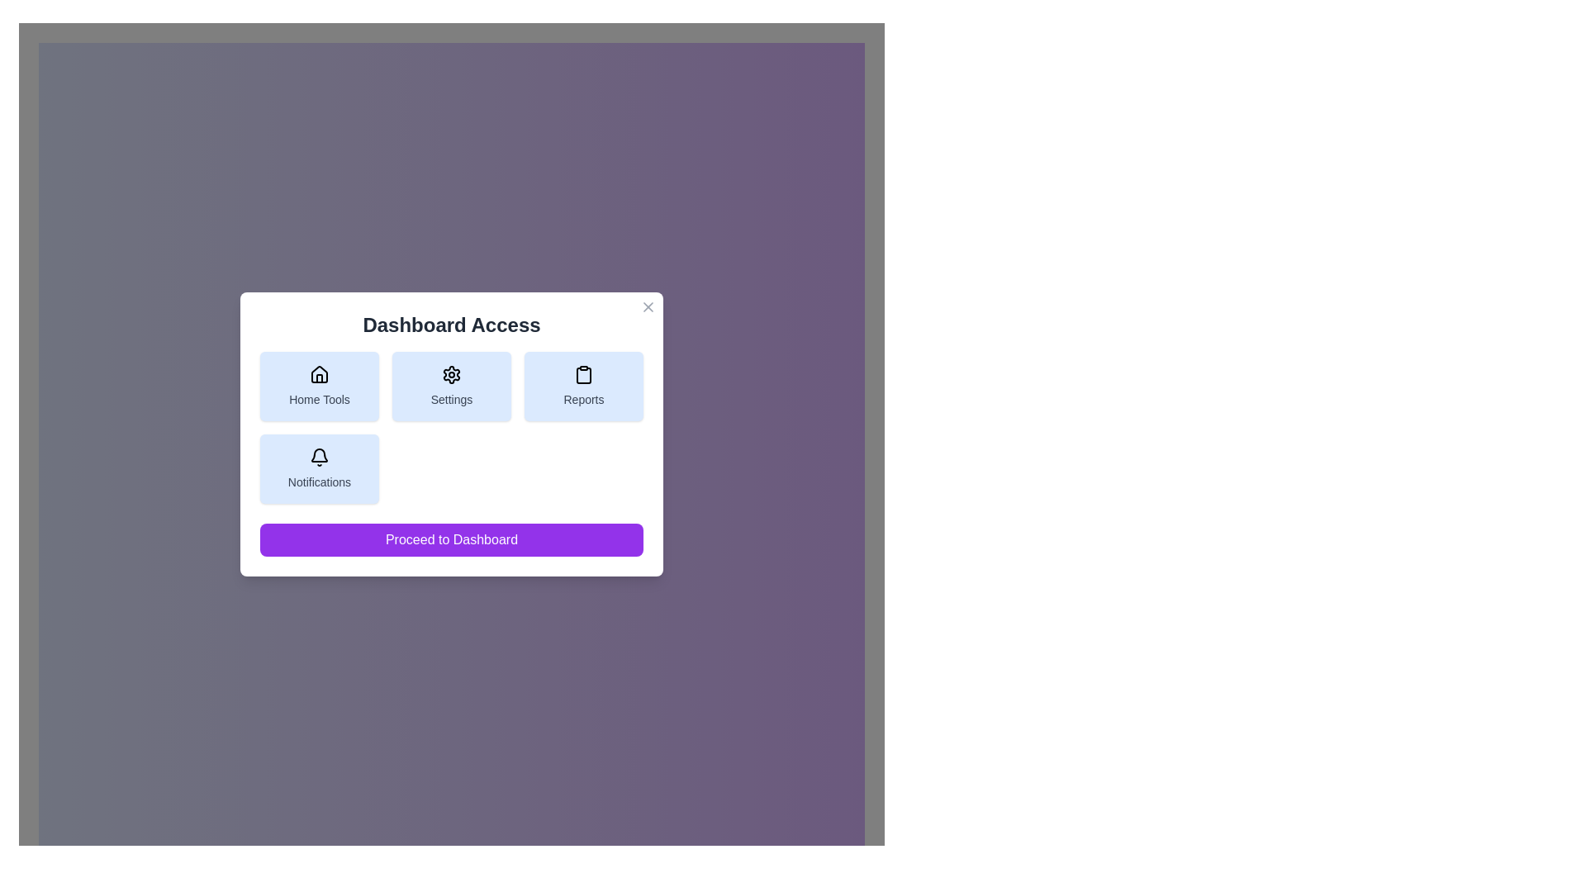 This screenshot has height=892, width=1586. Describe the element at coordinates (648, 306) in the screenshot. I see `the close button located at the top-right corner of the 'Dashboard Access' modal dialog` at that location.